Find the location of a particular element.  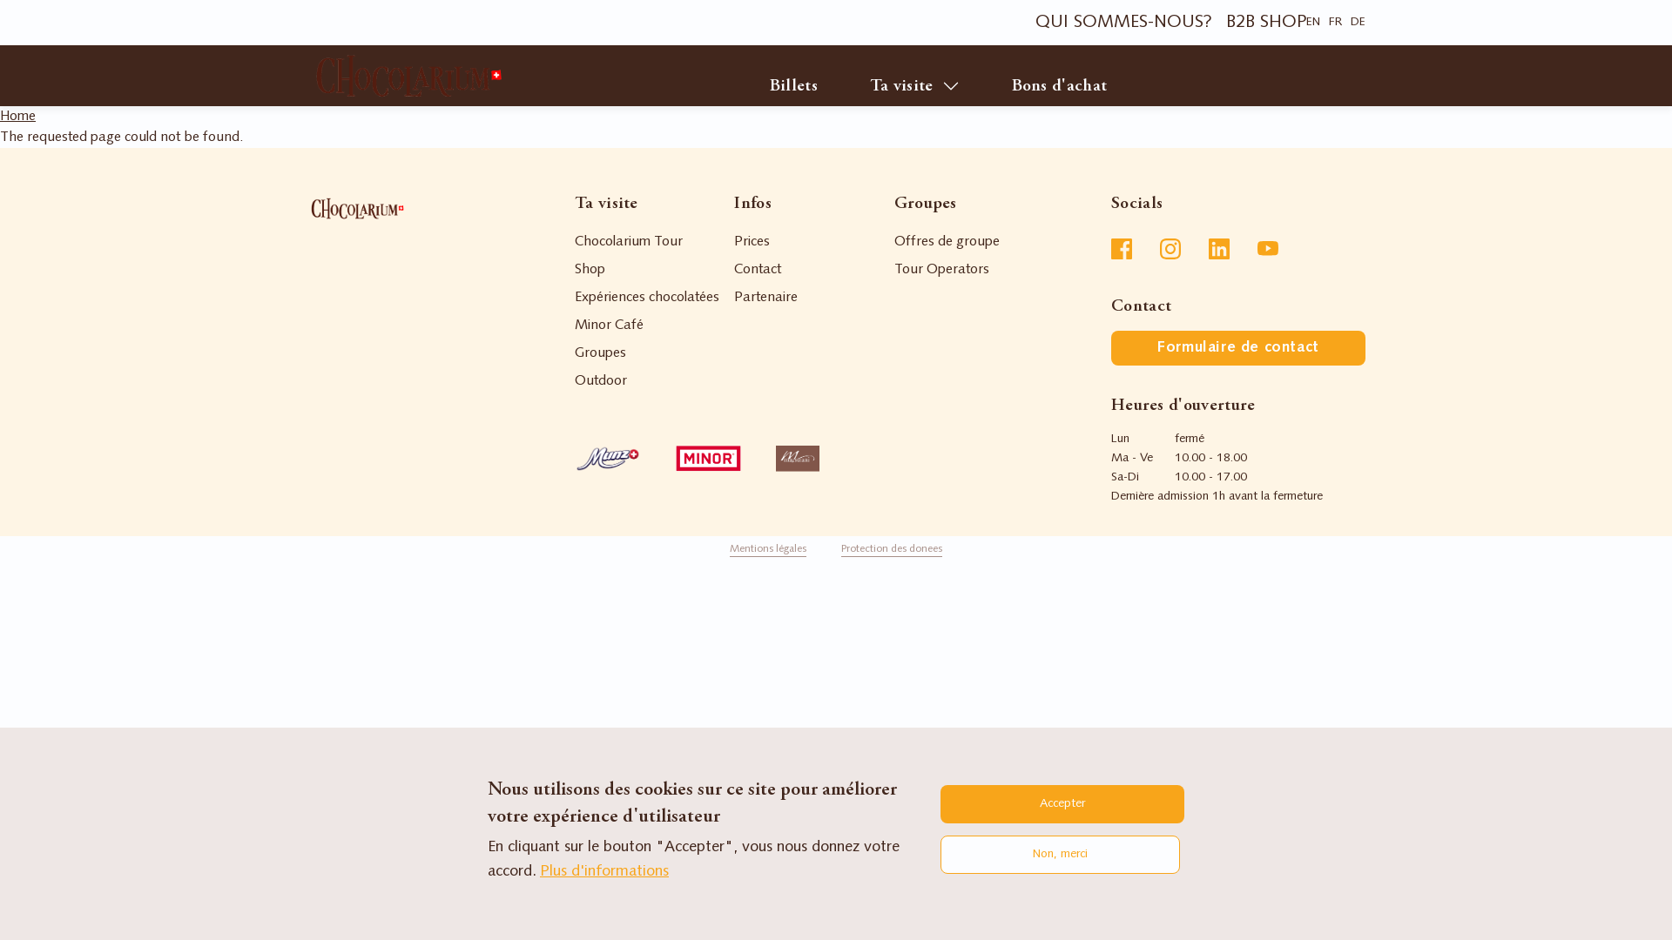

'Formulaire de contact' is located at coordinates (1237, 348).